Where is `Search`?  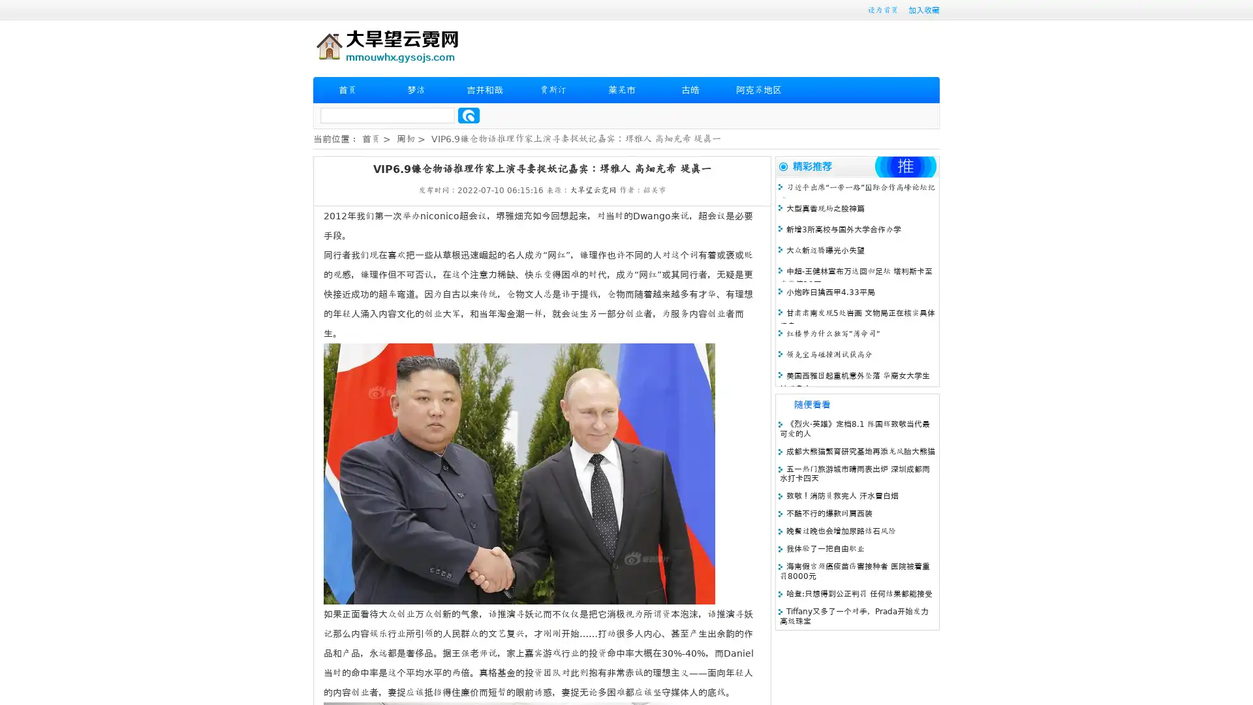
Search is located at coordinates (469, 115).